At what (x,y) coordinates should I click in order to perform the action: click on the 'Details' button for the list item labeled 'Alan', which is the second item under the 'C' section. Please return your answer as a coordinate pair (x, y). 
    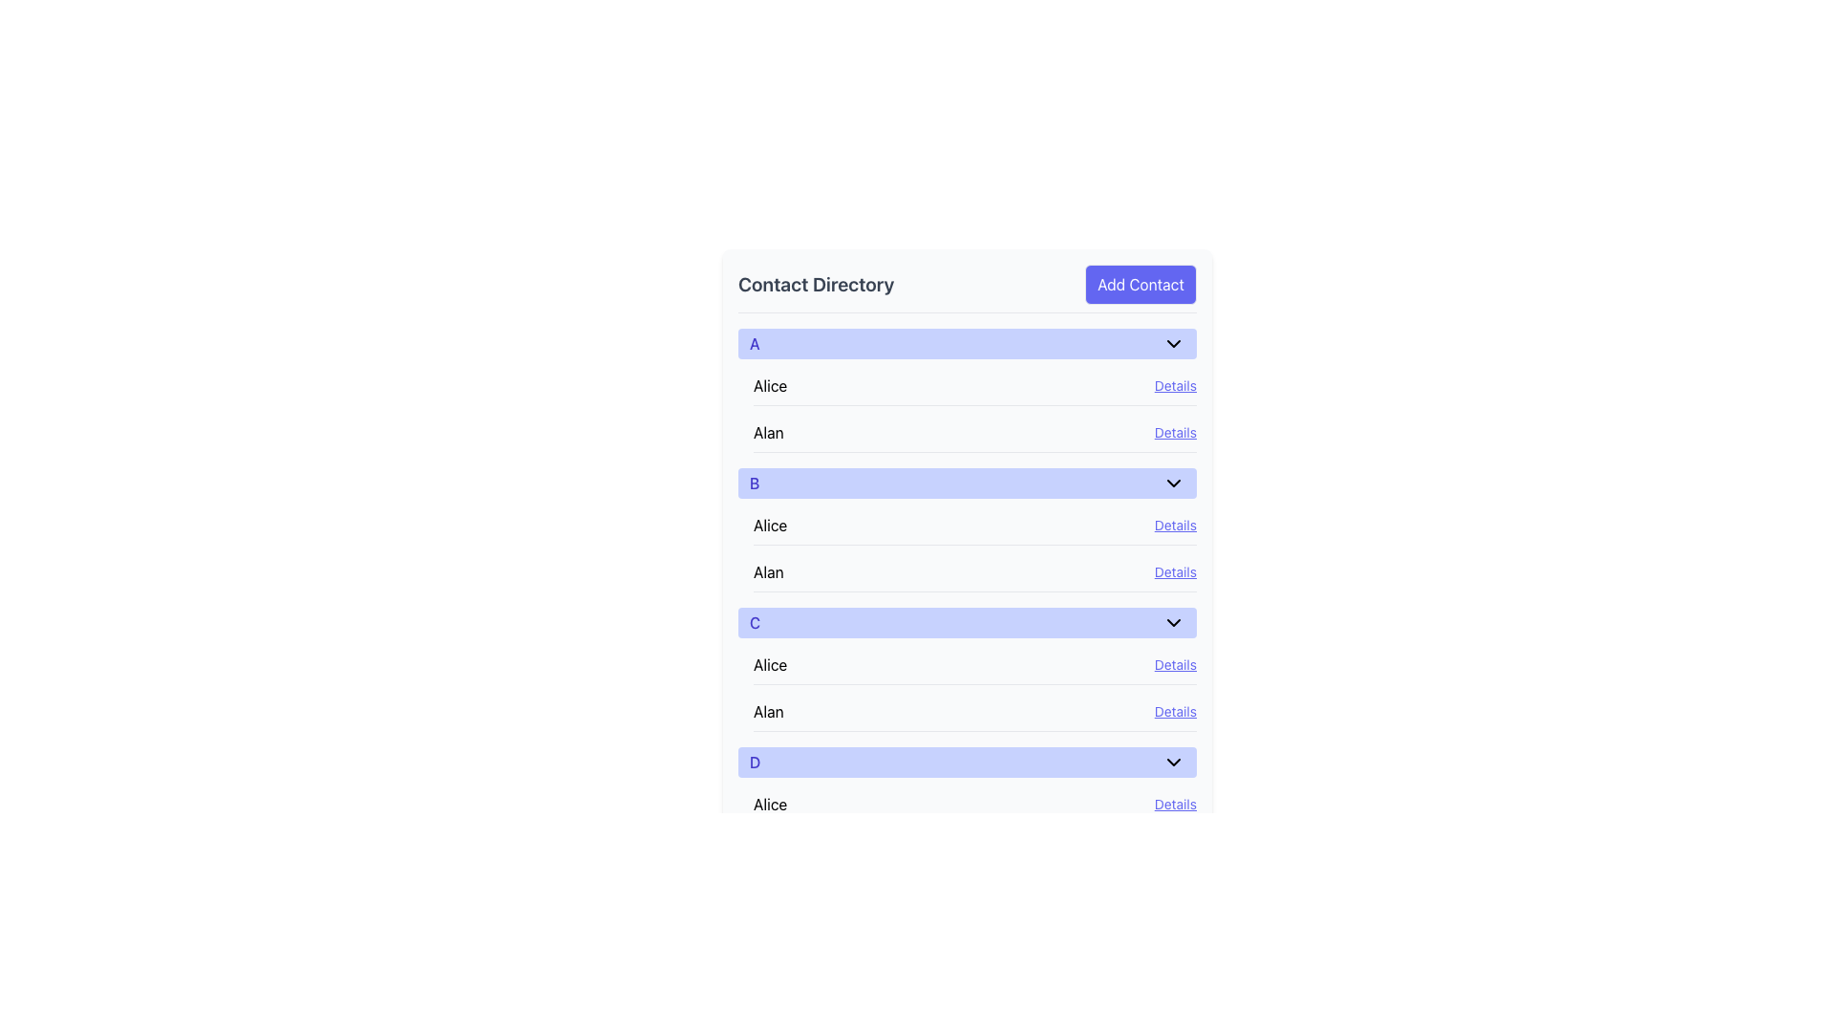
    Looking at the image, I should click on (975, 711).